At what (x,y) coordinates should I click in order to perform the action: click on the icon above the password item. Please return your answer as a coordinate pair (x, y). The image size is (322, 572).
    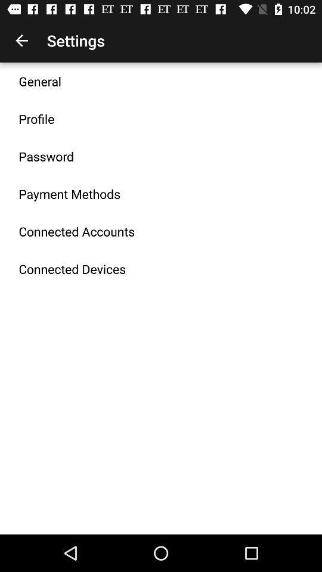
    Looking at the image, I should click on (36, 119).